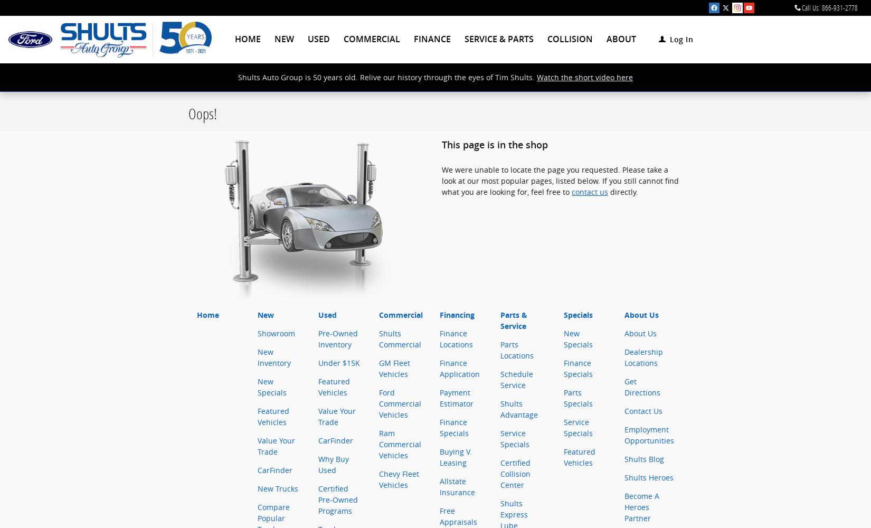 The width and height of the screenshot is (871, 528). Describe the element at coordinates (642, 386) in the screenshot. I see `'Get Directions'` at that location.